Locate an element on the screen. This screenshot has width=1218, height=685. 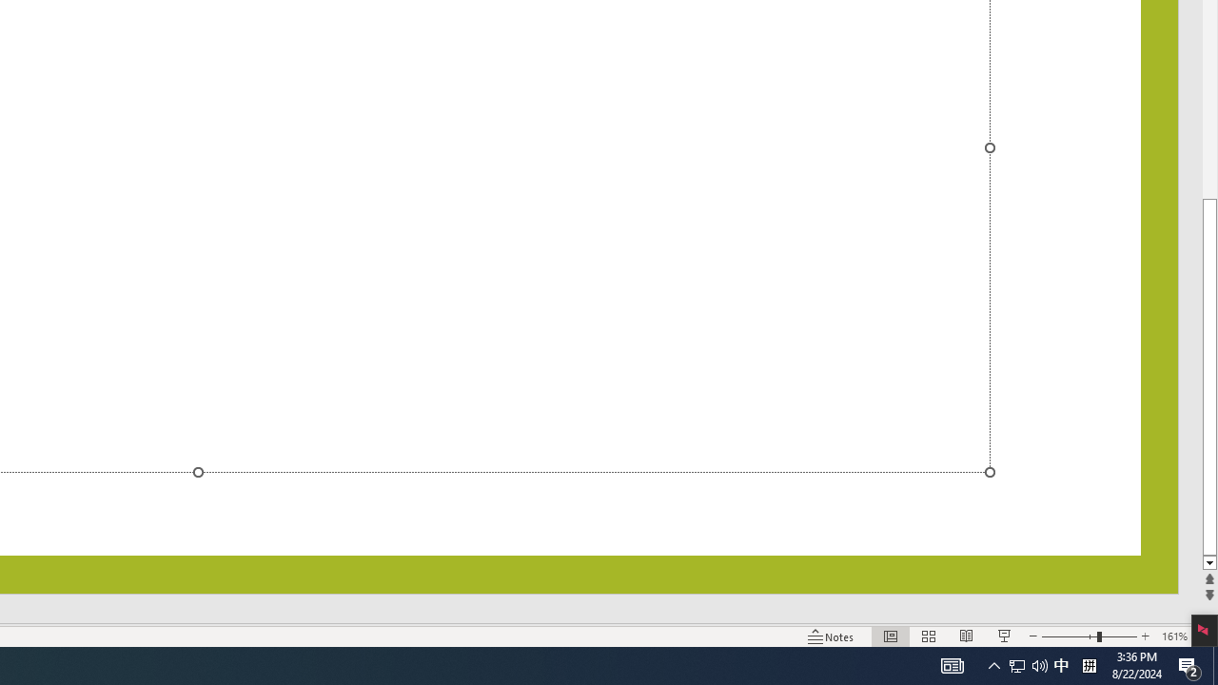
'Zoom 161%' is located at coordinates (1173, 636).